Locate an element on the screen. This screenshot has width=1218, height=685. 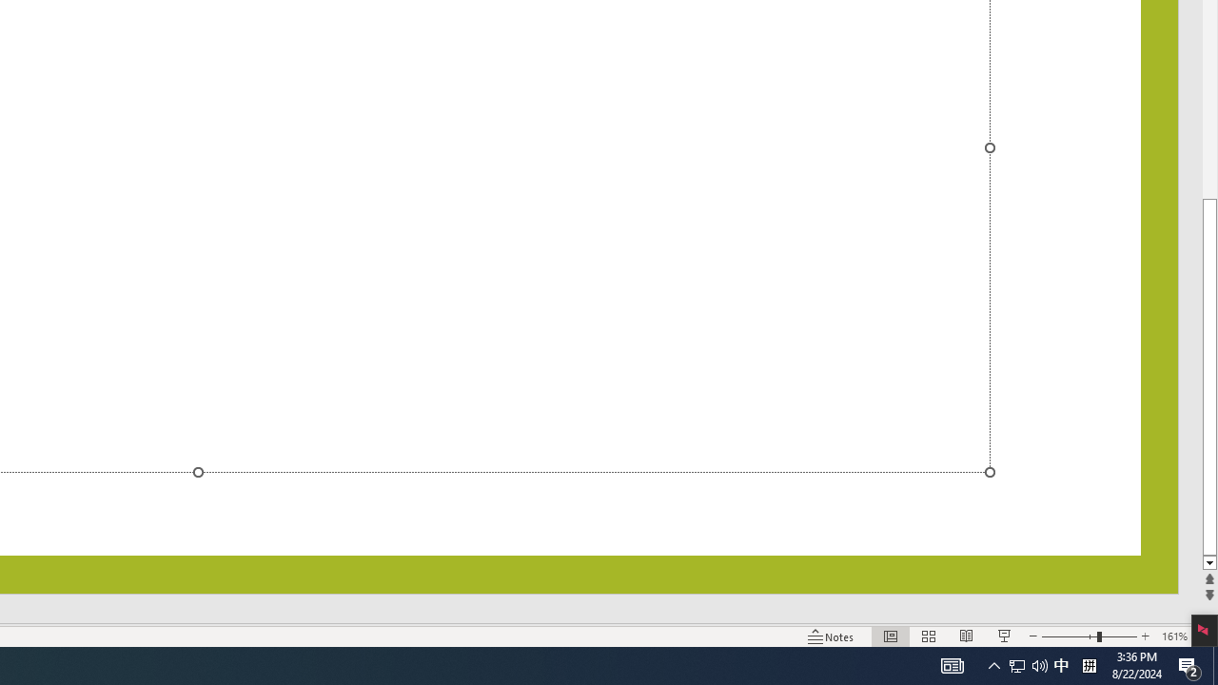
'Zoom 161%' is located at coordinates (1173, 636).